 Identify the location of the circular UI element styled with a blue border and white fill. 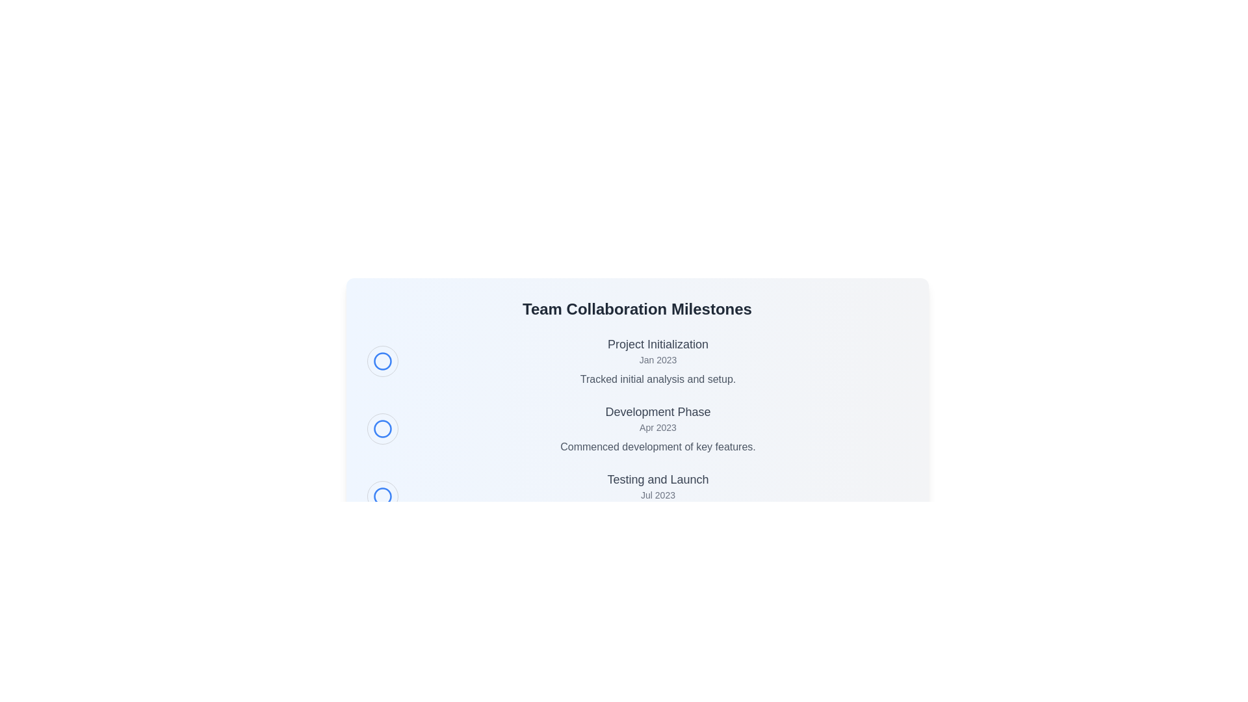
(382, 428).